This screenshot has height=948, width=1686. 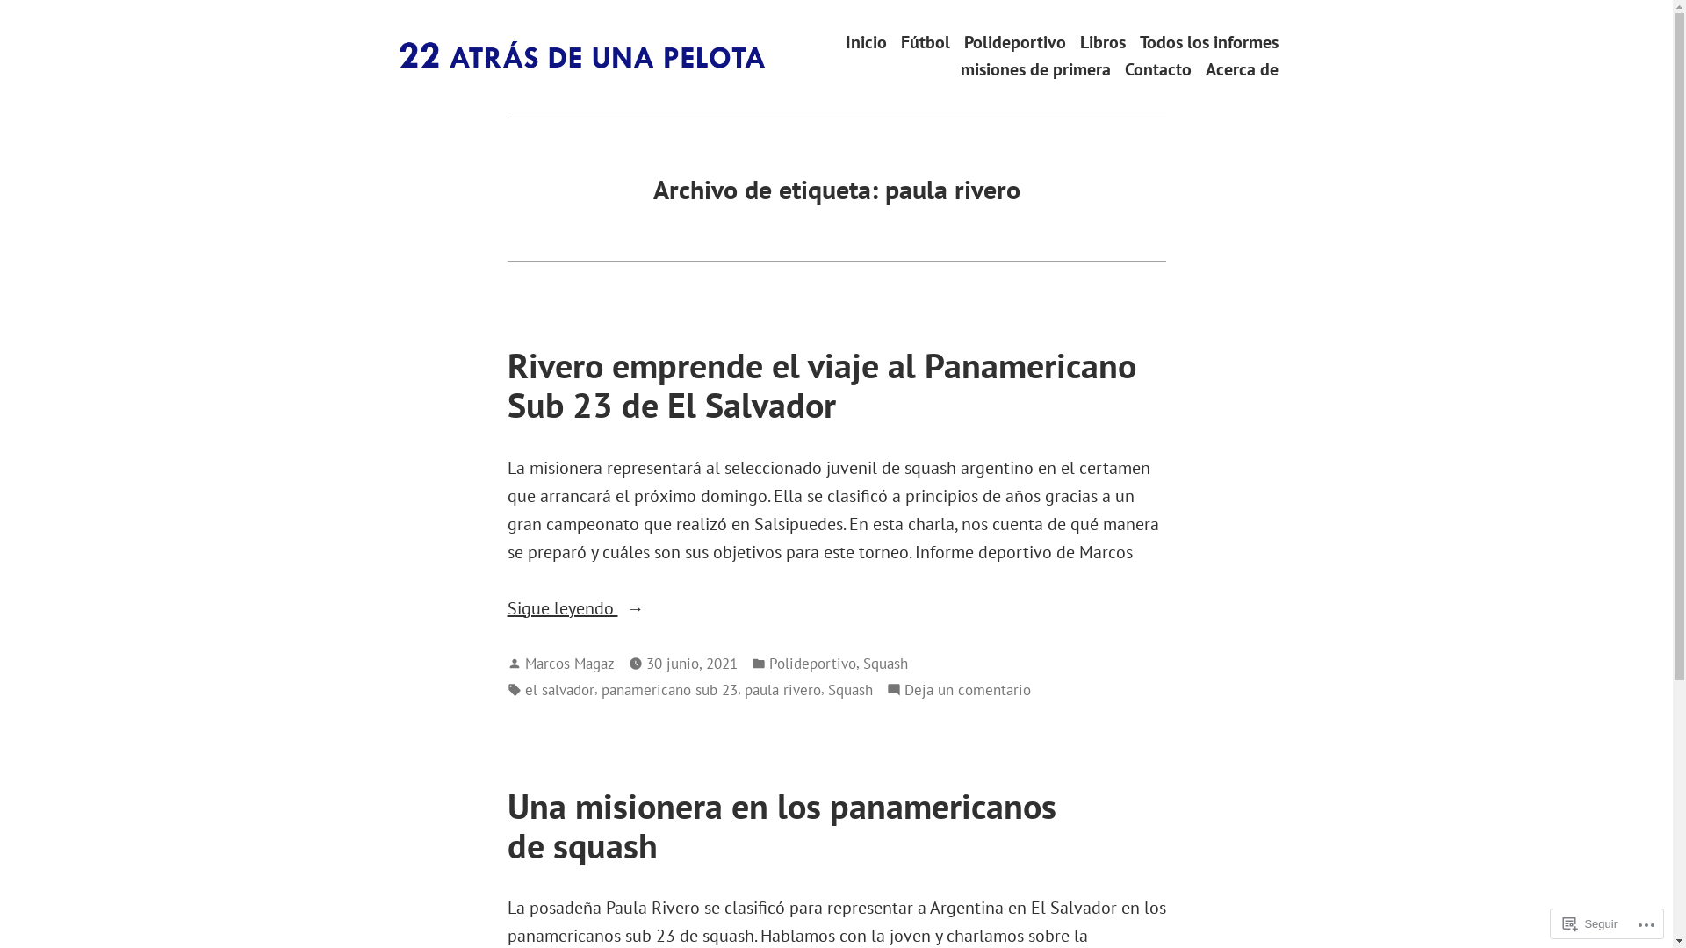 What do you see at coordinates (1139, 40) in the screenshot?
I see `'Todos los informes'` at bounding box center [1139, 40].